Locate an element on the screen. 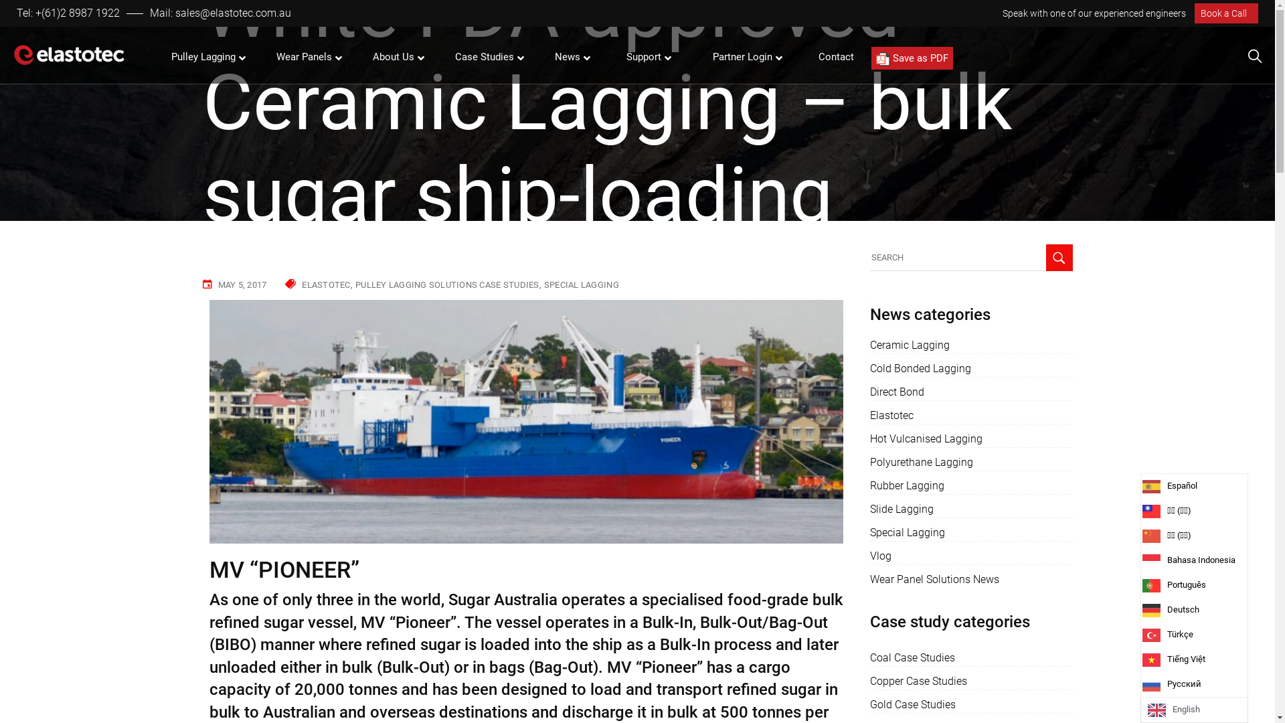 This screenshot has width=1285, height=723. 'Partner Login' is located at coordinates (699, 56).